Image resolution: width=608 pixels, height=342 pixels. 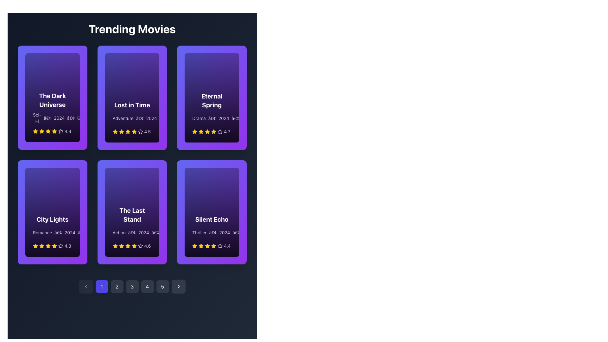 What do you see at coordinates (132, 98) in the screenshot?
I see `the second card in the 'Trending Movies' grid titled 'Lost in Time'` at bounding box center [132, 98].